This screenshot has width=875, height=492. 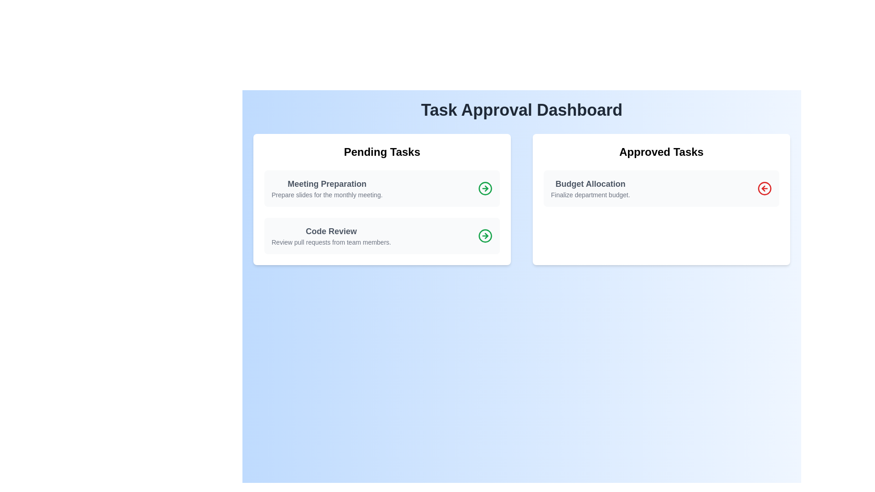 I want to click on the static text element that reads 'Finalize department budget.' located beneath the heading 'Budget Allocation' in the 'Approved Tasks' section, so click(x=590, y=195).